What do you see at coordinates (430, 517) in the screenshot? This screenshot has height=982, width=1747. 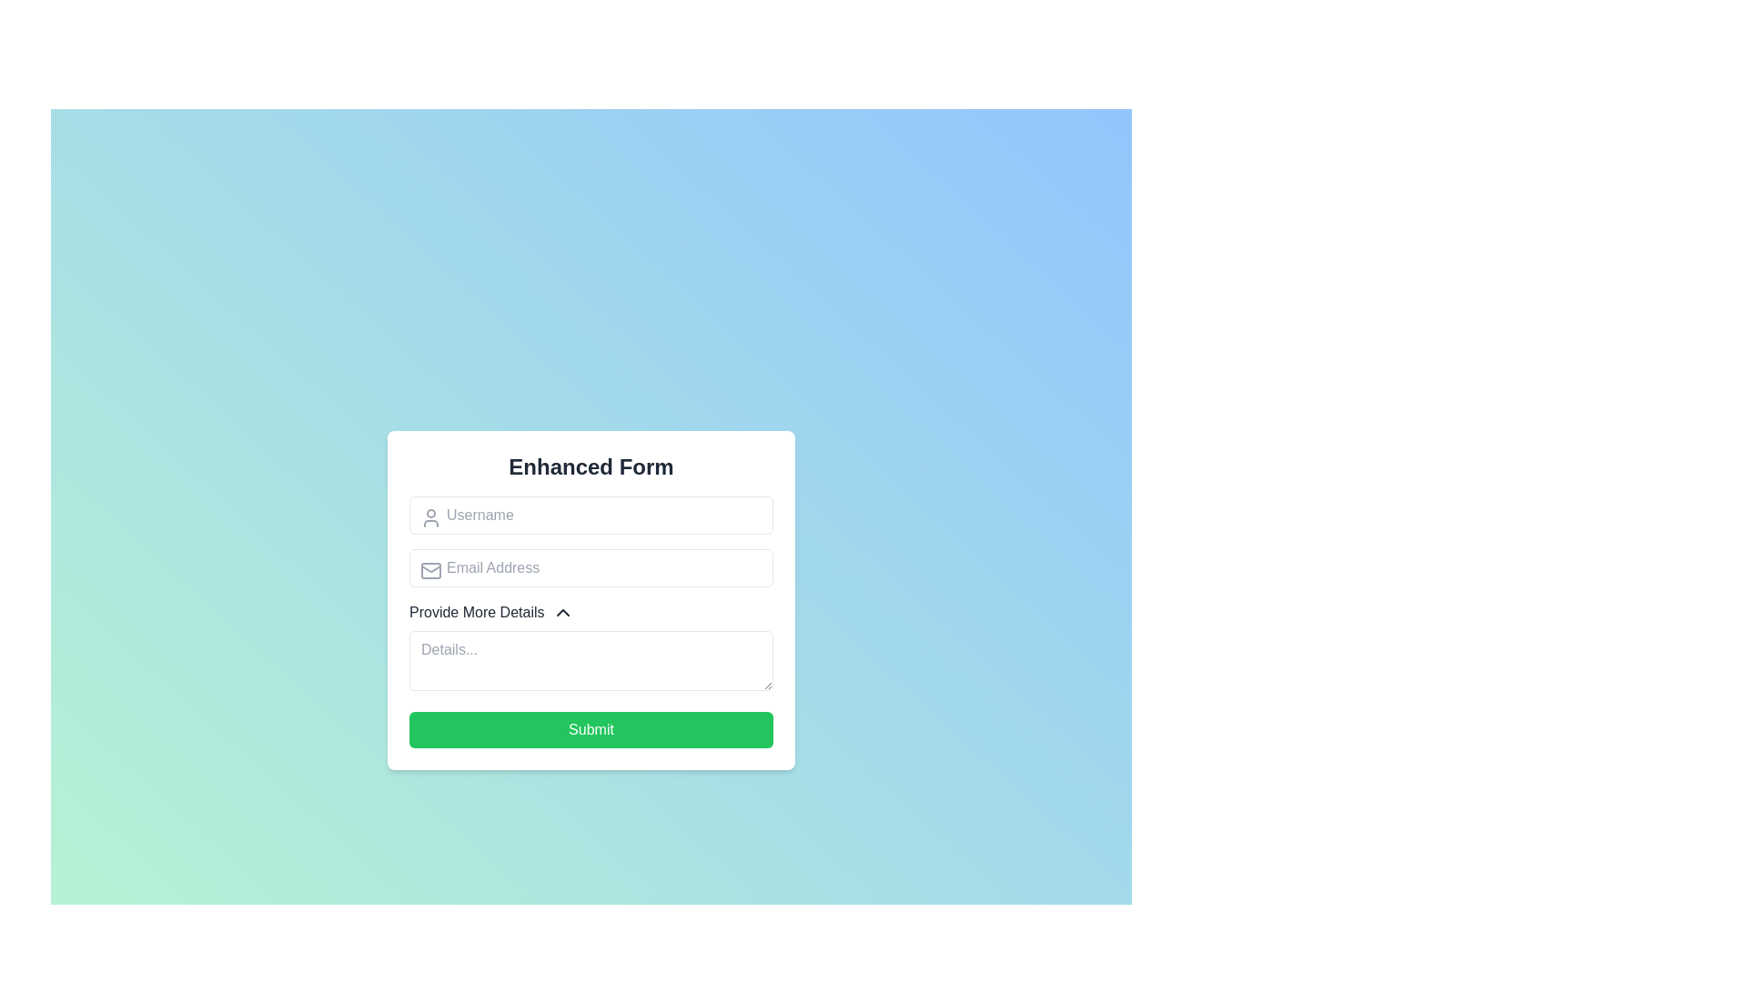 I see `the user profile icon located to the left of the username input field, which features a circular head and a semi-circular body in a grayscale palette` at bounding box center [430, 517].